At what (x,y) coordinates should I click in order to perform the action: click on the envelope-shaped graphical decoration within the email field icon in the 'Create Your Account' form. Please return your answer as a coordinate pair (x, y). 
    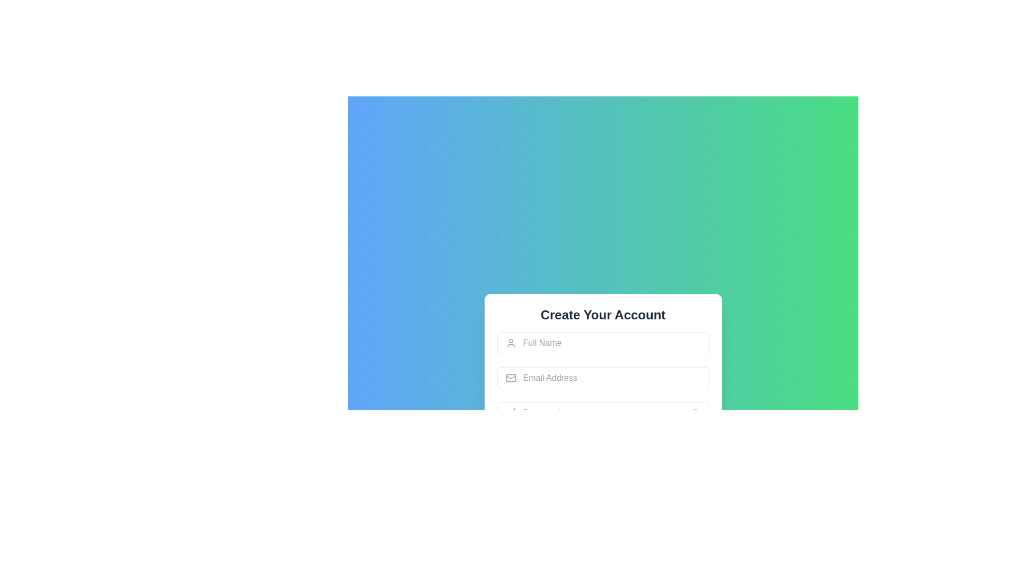
    Looking at the image, I should click on (511, 377).